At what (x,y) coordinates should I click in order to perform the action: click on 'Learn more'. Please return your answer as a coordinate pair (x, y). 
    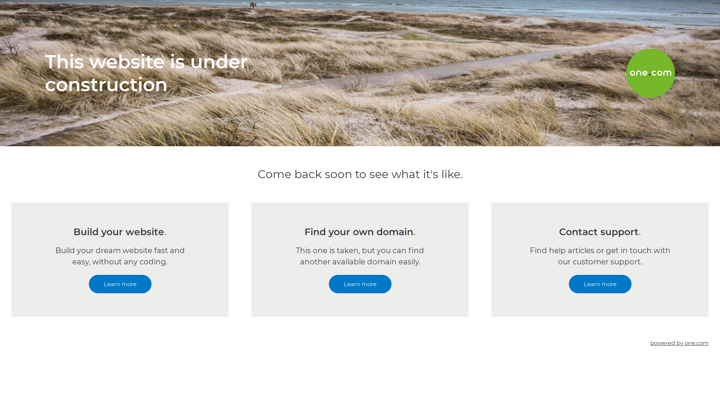
    Looking at the image, I should click on (119, 284).